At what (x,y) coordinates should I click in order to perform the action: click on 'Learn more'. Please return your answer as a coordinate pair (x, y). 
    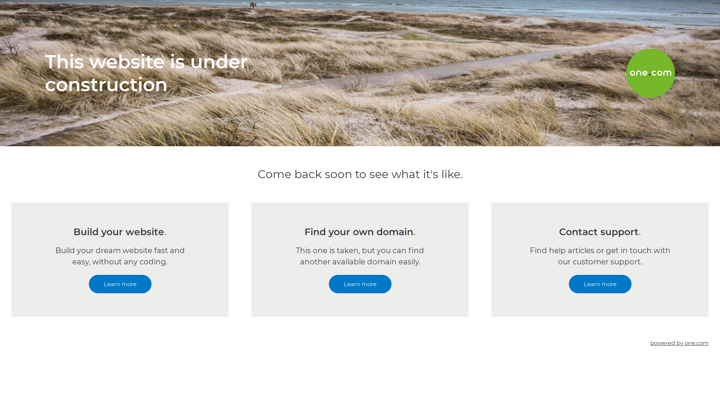
    Looking at the image, I should click on (119, 284).